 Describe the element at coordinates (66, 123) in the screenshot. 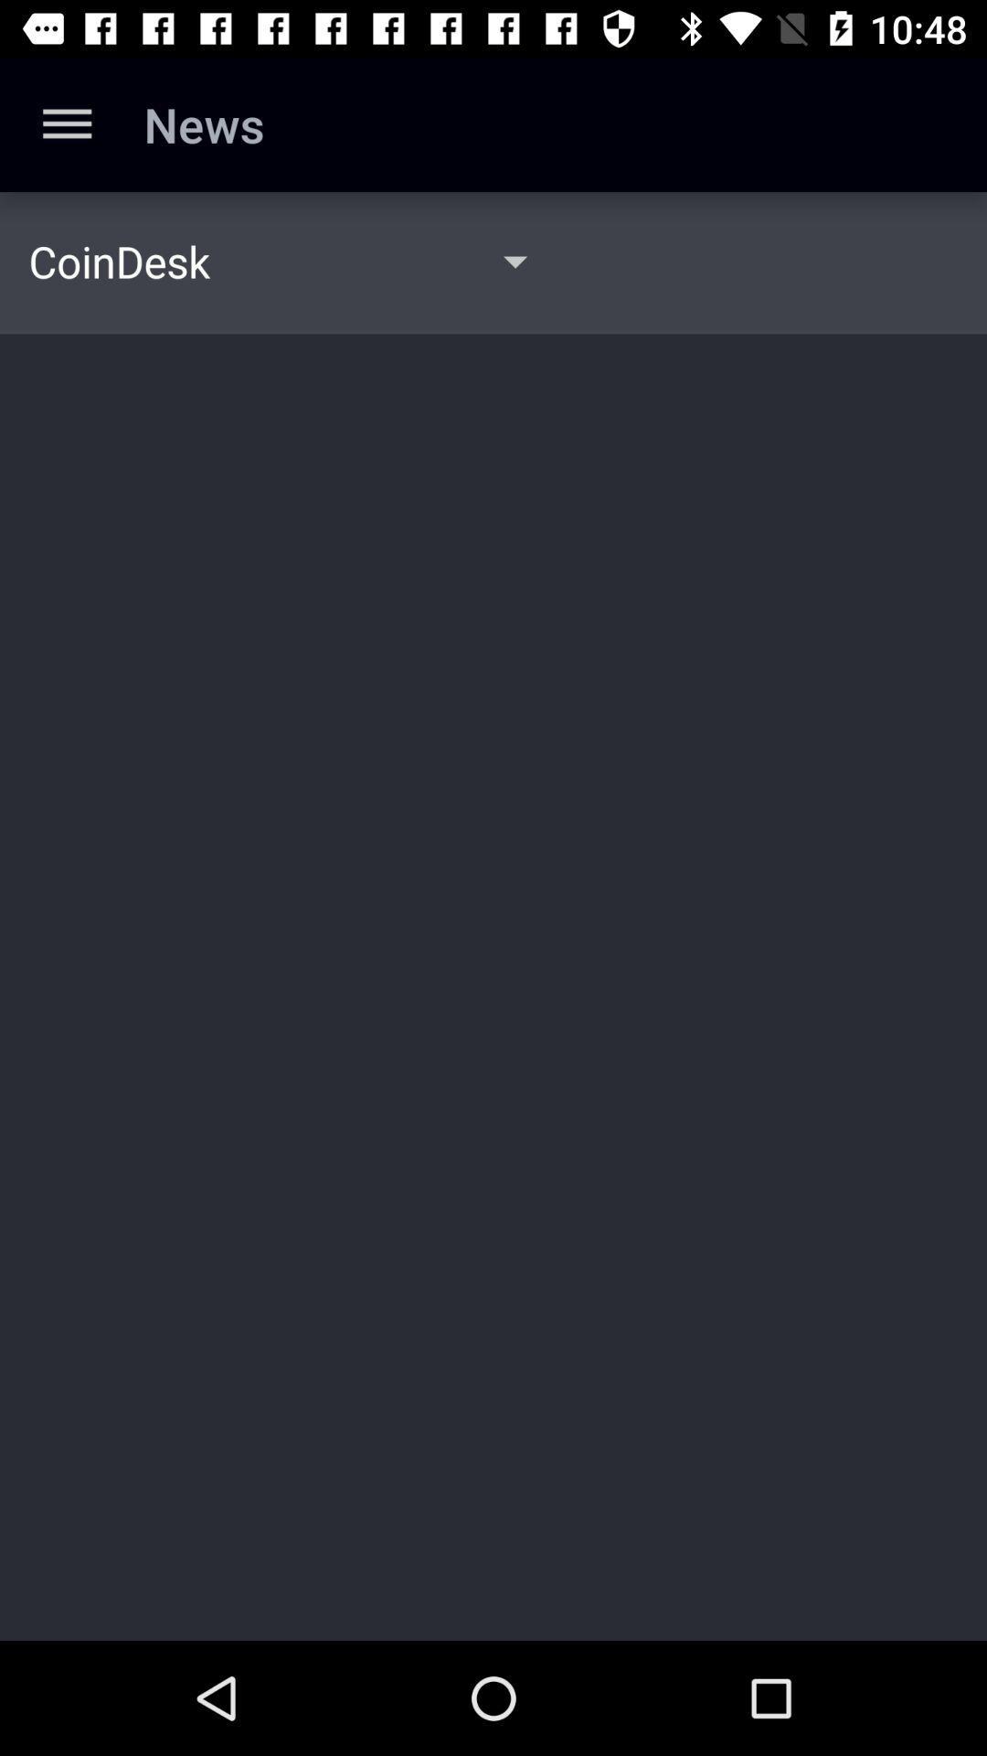

I see `icon above coindesk item` at that location.